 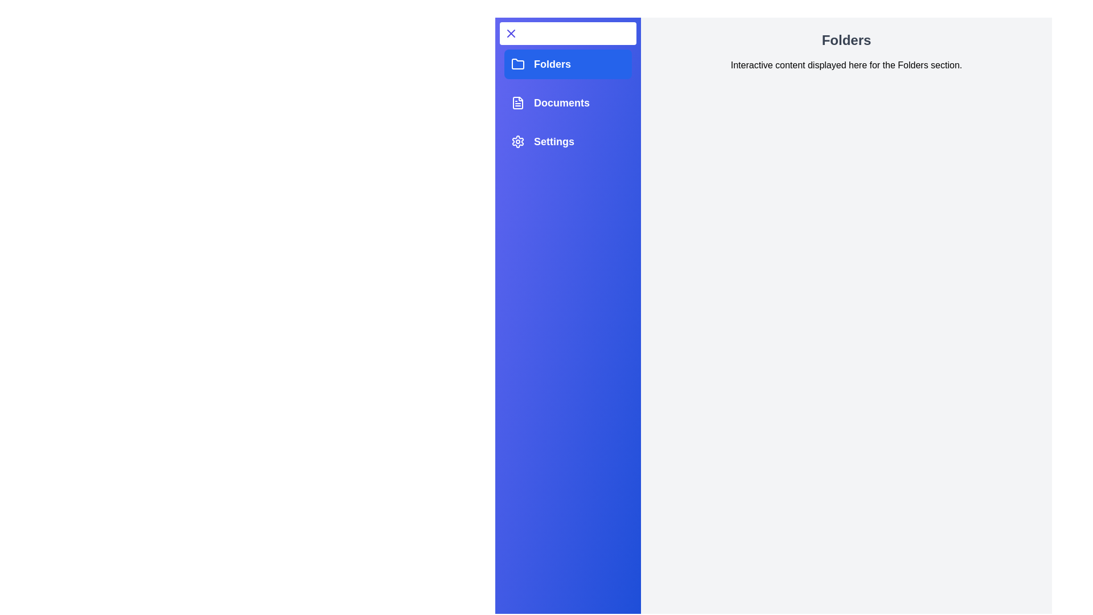 What do you see at coordinates (568, 103) in the screenshot?
I see `the tab Documents from the sidebar options` at bounding box center [568, 103].